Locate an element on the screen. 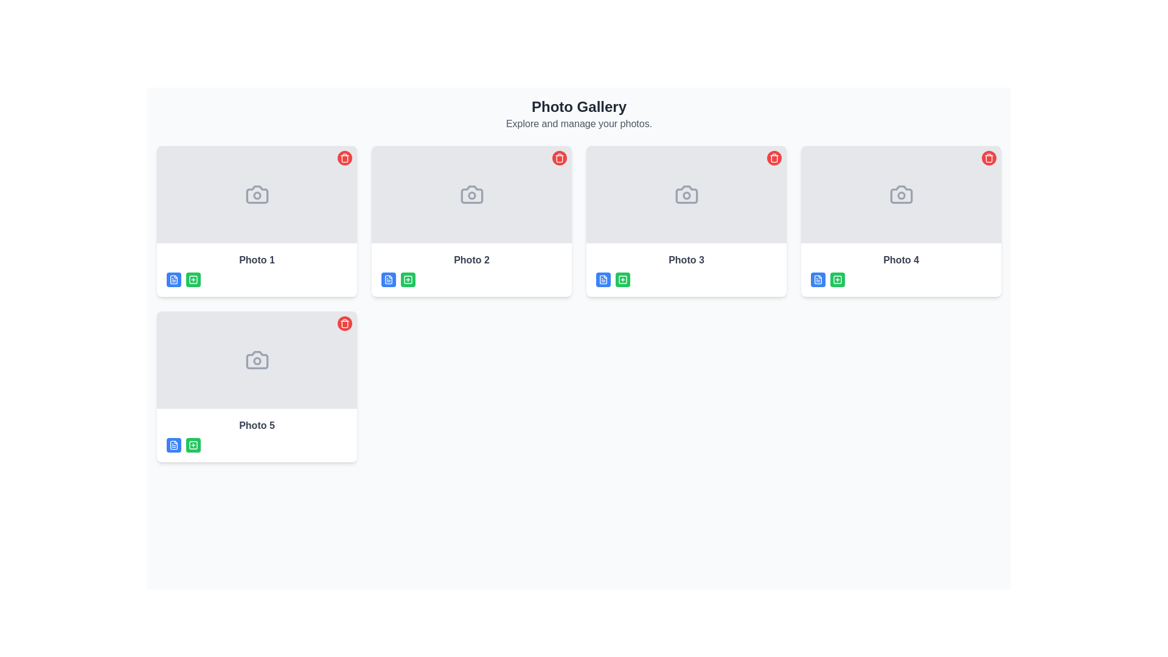  the icon button located at the bottom-left corner of the Photo 2 card is located at coordinates (388, 279).